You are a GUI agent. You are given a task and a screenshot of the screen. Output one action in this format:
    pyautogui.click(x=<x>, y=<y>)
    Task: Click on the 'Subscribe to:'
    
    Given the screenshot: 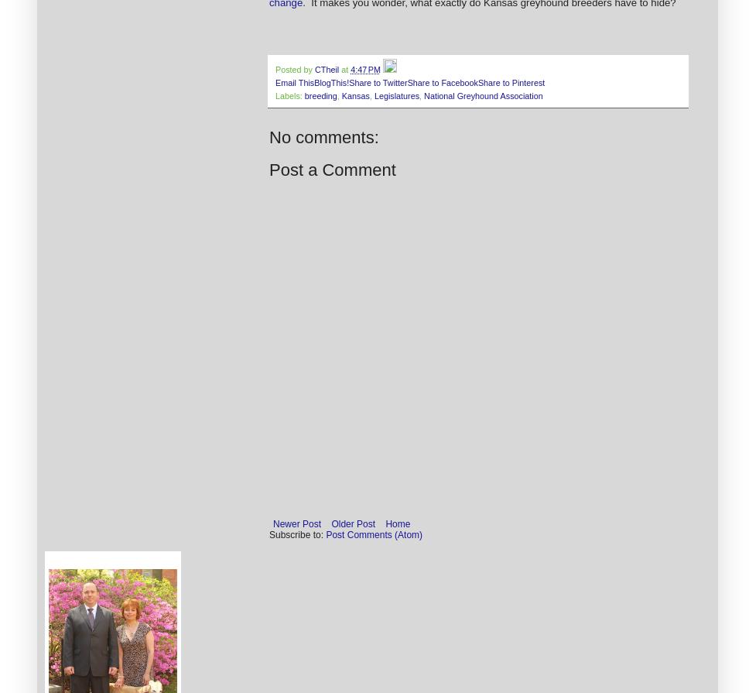 What is the action you would take?
    pyautogui.click(x=296, y=534)
    